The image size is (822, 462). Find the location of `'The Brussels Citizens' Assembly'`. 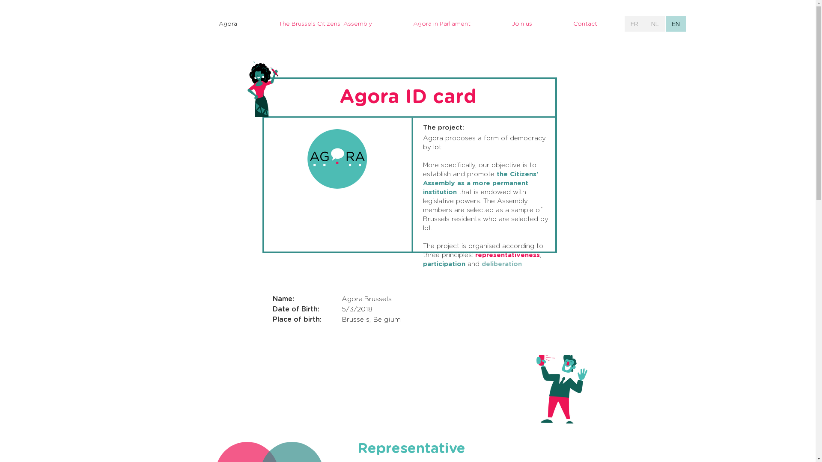

'The Brussels Citizens' Assembly' is located at coordinates (324, 24).